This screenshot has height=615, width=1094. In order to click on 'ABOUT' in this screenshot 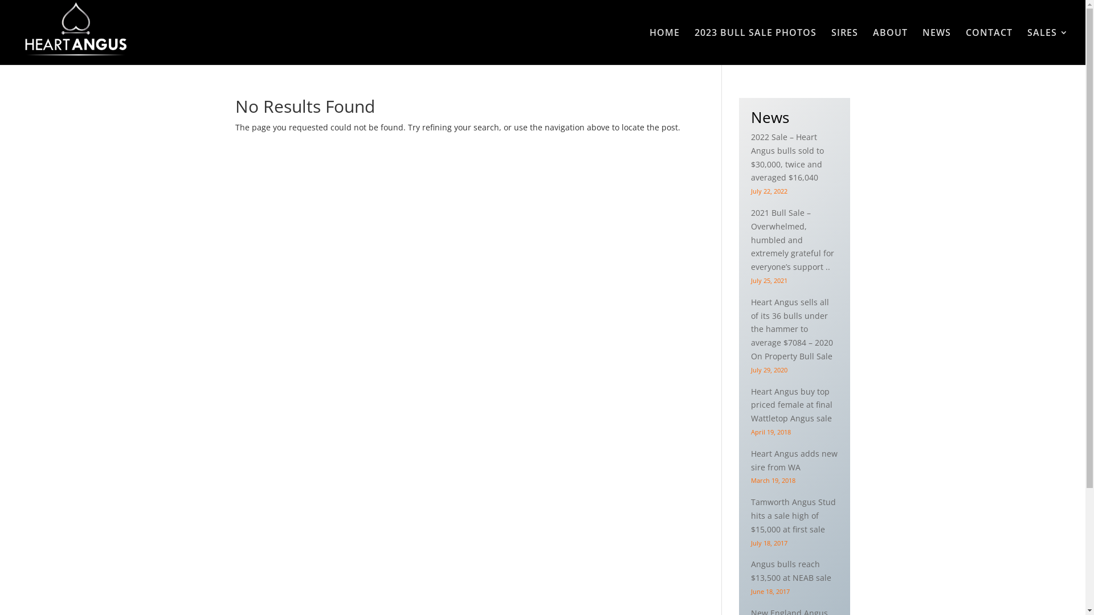, I will do `click(889, 46)`.